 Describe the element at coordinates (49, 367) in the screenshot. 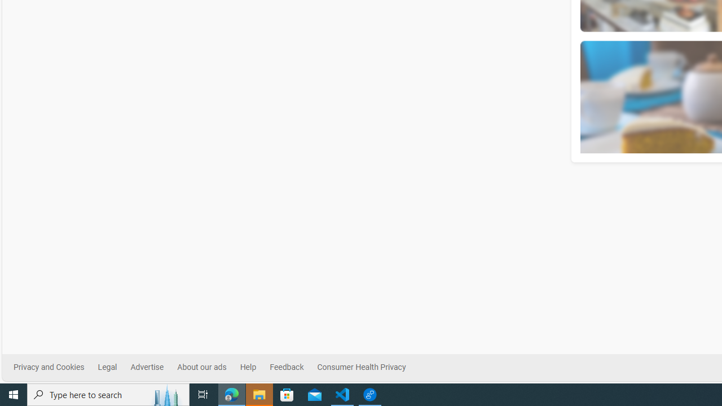

I see `'Privacy and Cookies'` at that location.